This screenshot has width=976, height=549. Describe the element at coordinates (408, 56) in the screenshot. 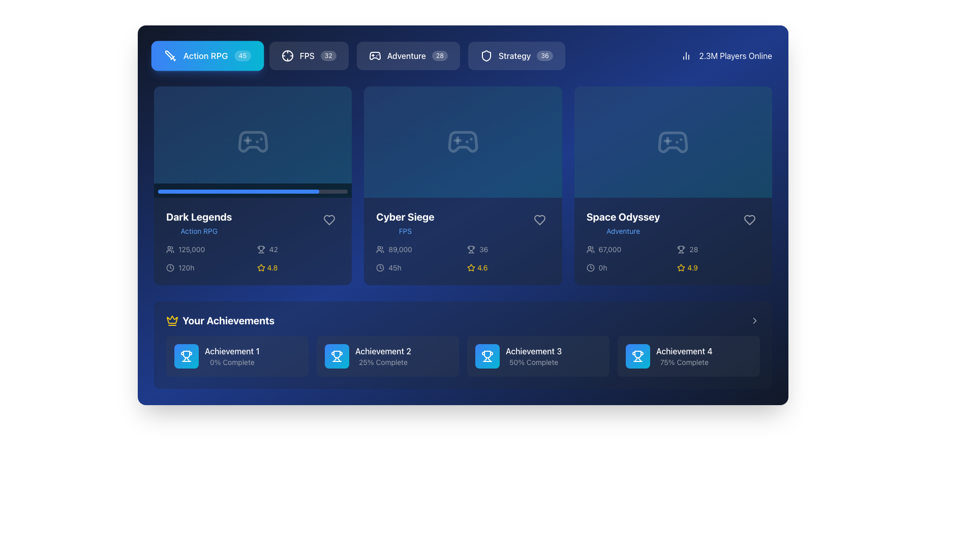

I see `the 'Adventure' button, which has a badge displaying '28' and a gamepad icon` at that location.